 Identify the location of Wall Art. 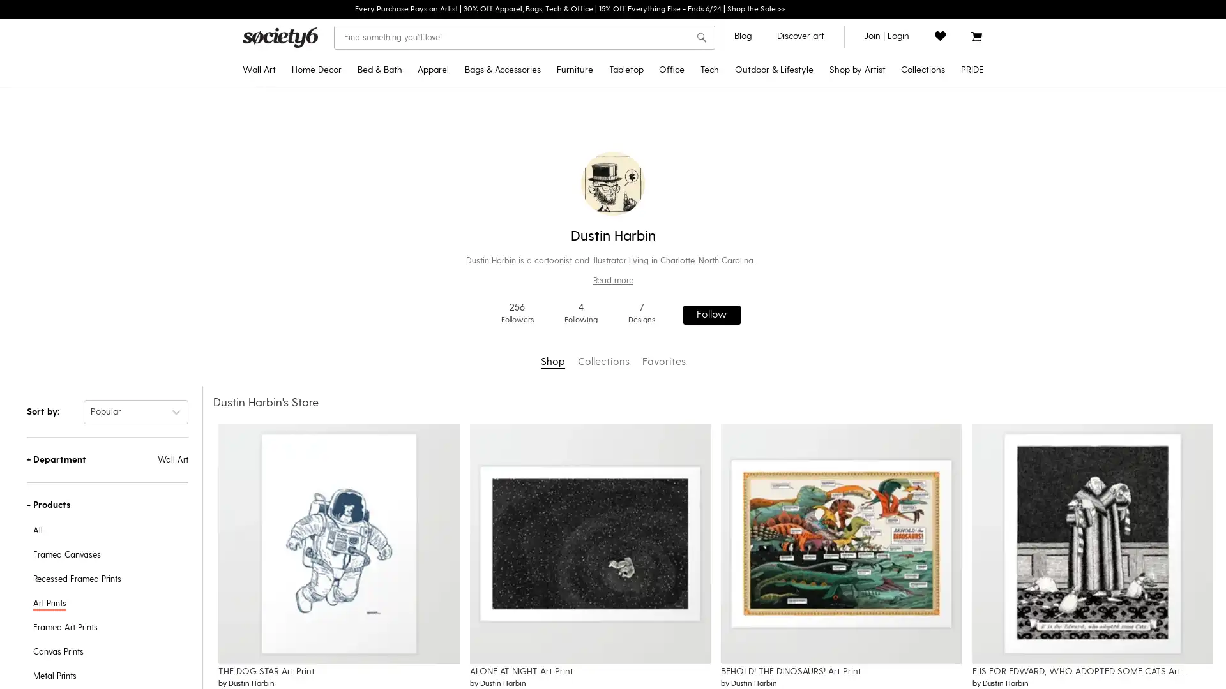
(259, 70).